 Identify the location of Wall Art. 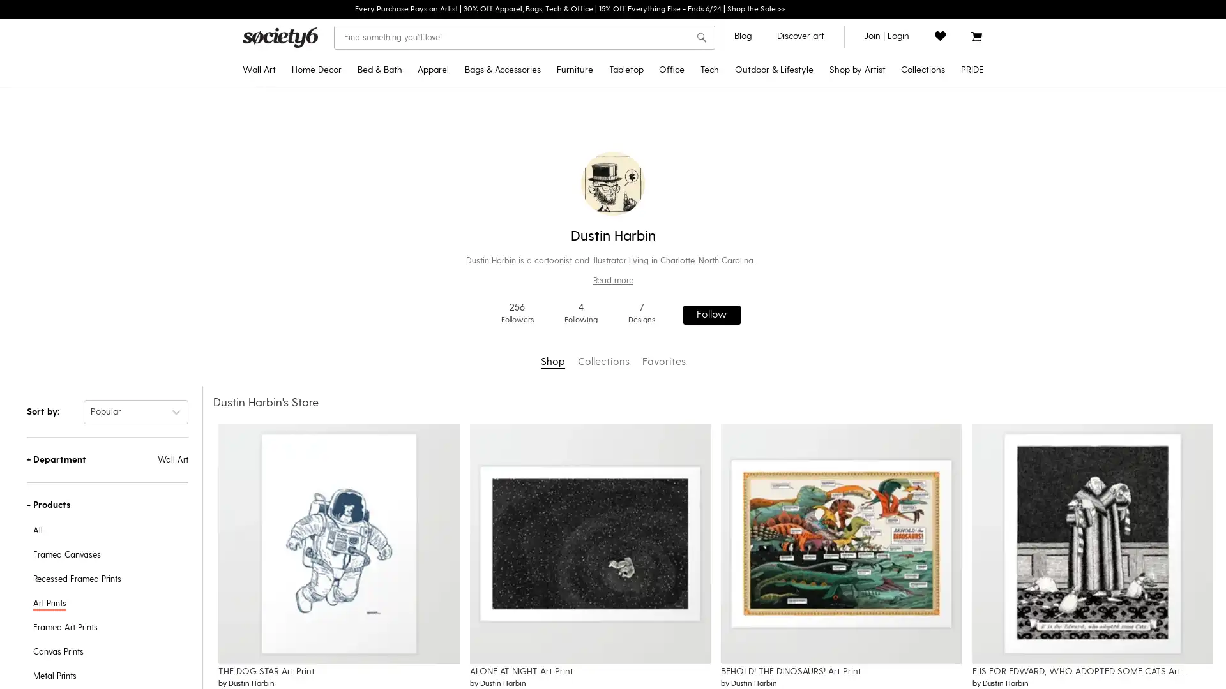
(259, 70).